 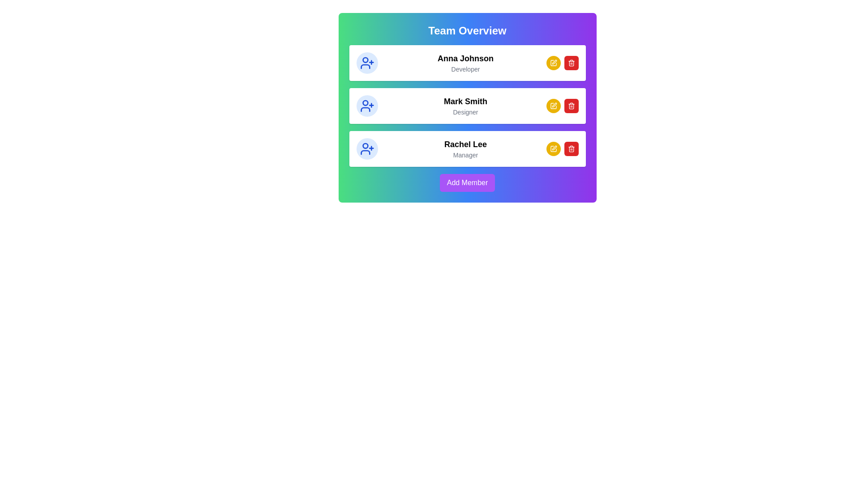 What do you see at coordinates (465, 111) in the screenshot?
I see `the text label providing role information about 'Mark Smith', who is identified as a Designer, located in the second row below the bold 'Mark Smith' text` at bounding box center [465, 111].